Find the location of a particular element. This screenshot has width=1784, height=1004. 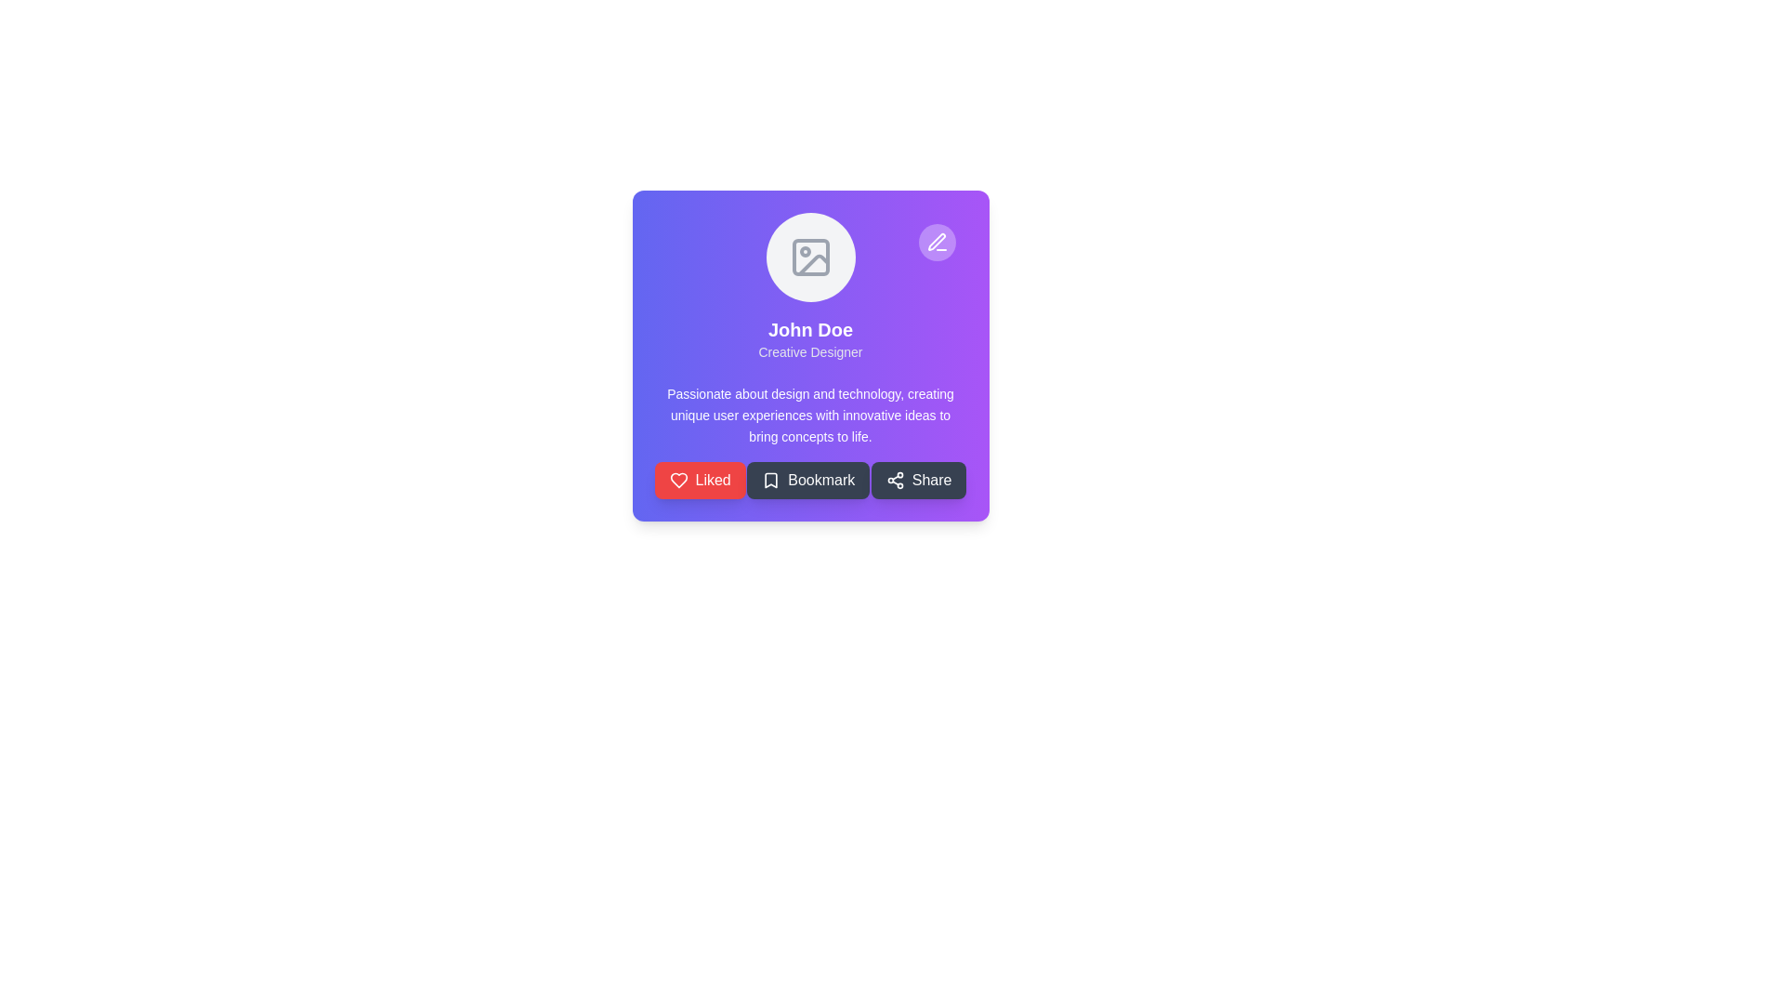

the heart-shaped vector icon representing a 'like' action, which is part of the 'Liked' button located in the bottom-left corner of the card interface is located at coordinates (677, 480).